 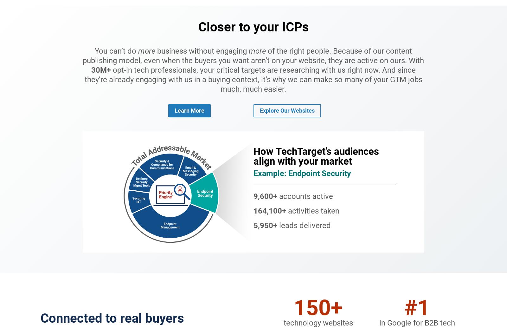 What do you see at coordinates (101, 69) in the screenshot?
I see `'30M+'` at bounding box center [101, 69].